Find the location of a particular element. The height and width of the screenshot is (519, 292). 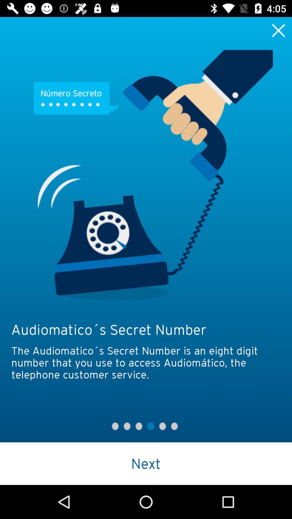

exit is located at coordinates (278, 30).